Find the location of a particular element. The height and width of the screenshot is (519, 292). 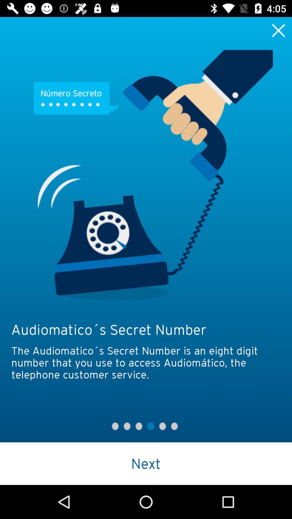

exit is located at coordinates (278, 30).